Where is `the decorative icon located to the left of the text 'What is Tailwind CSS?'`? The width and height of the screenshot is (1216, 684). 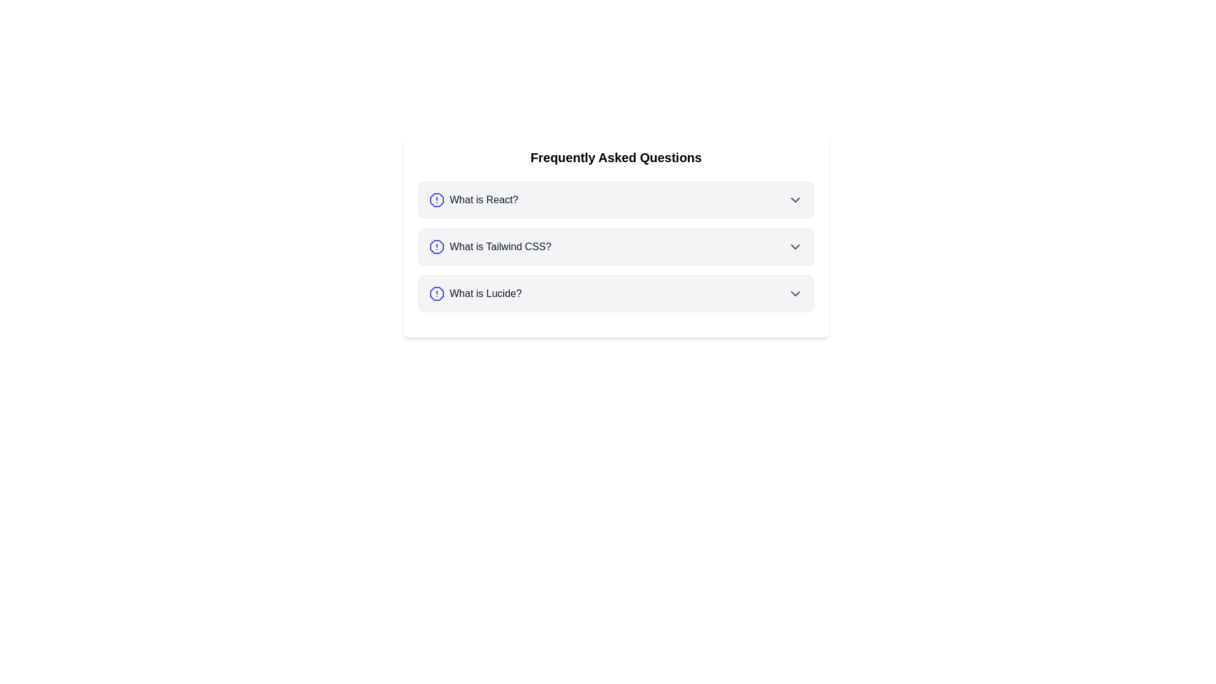
the decorative icon located to the left of the text 'What is Tailwind CSS?' is located at coordinates (437, 246).